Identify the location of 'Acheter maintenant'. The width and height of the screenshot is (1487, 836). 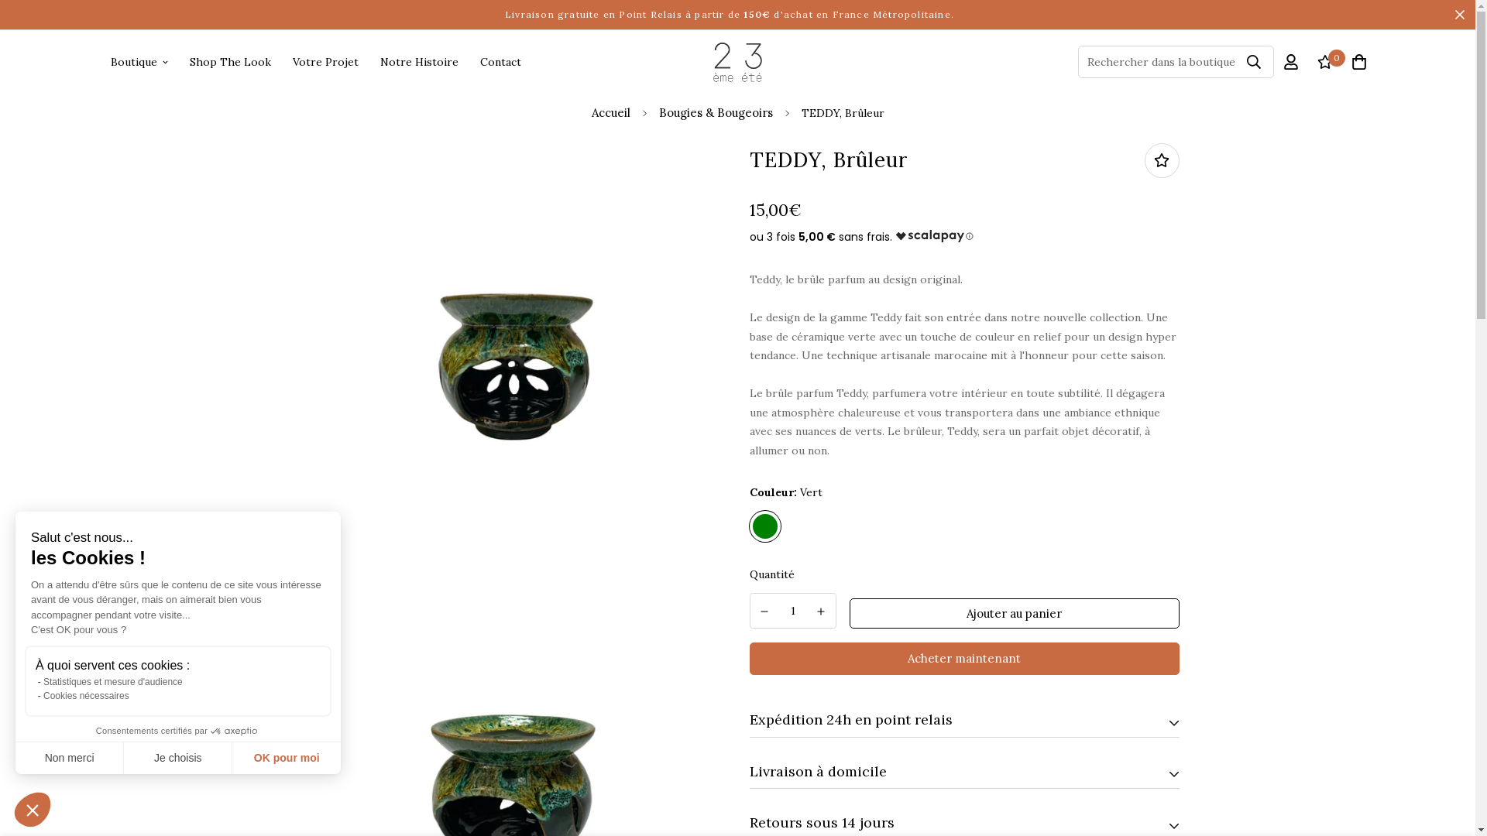
(963, 659).